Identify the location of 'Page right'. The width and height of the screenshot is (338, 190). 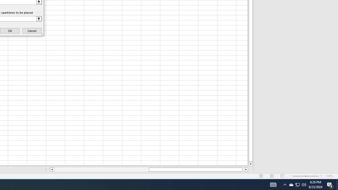
(243, 169).